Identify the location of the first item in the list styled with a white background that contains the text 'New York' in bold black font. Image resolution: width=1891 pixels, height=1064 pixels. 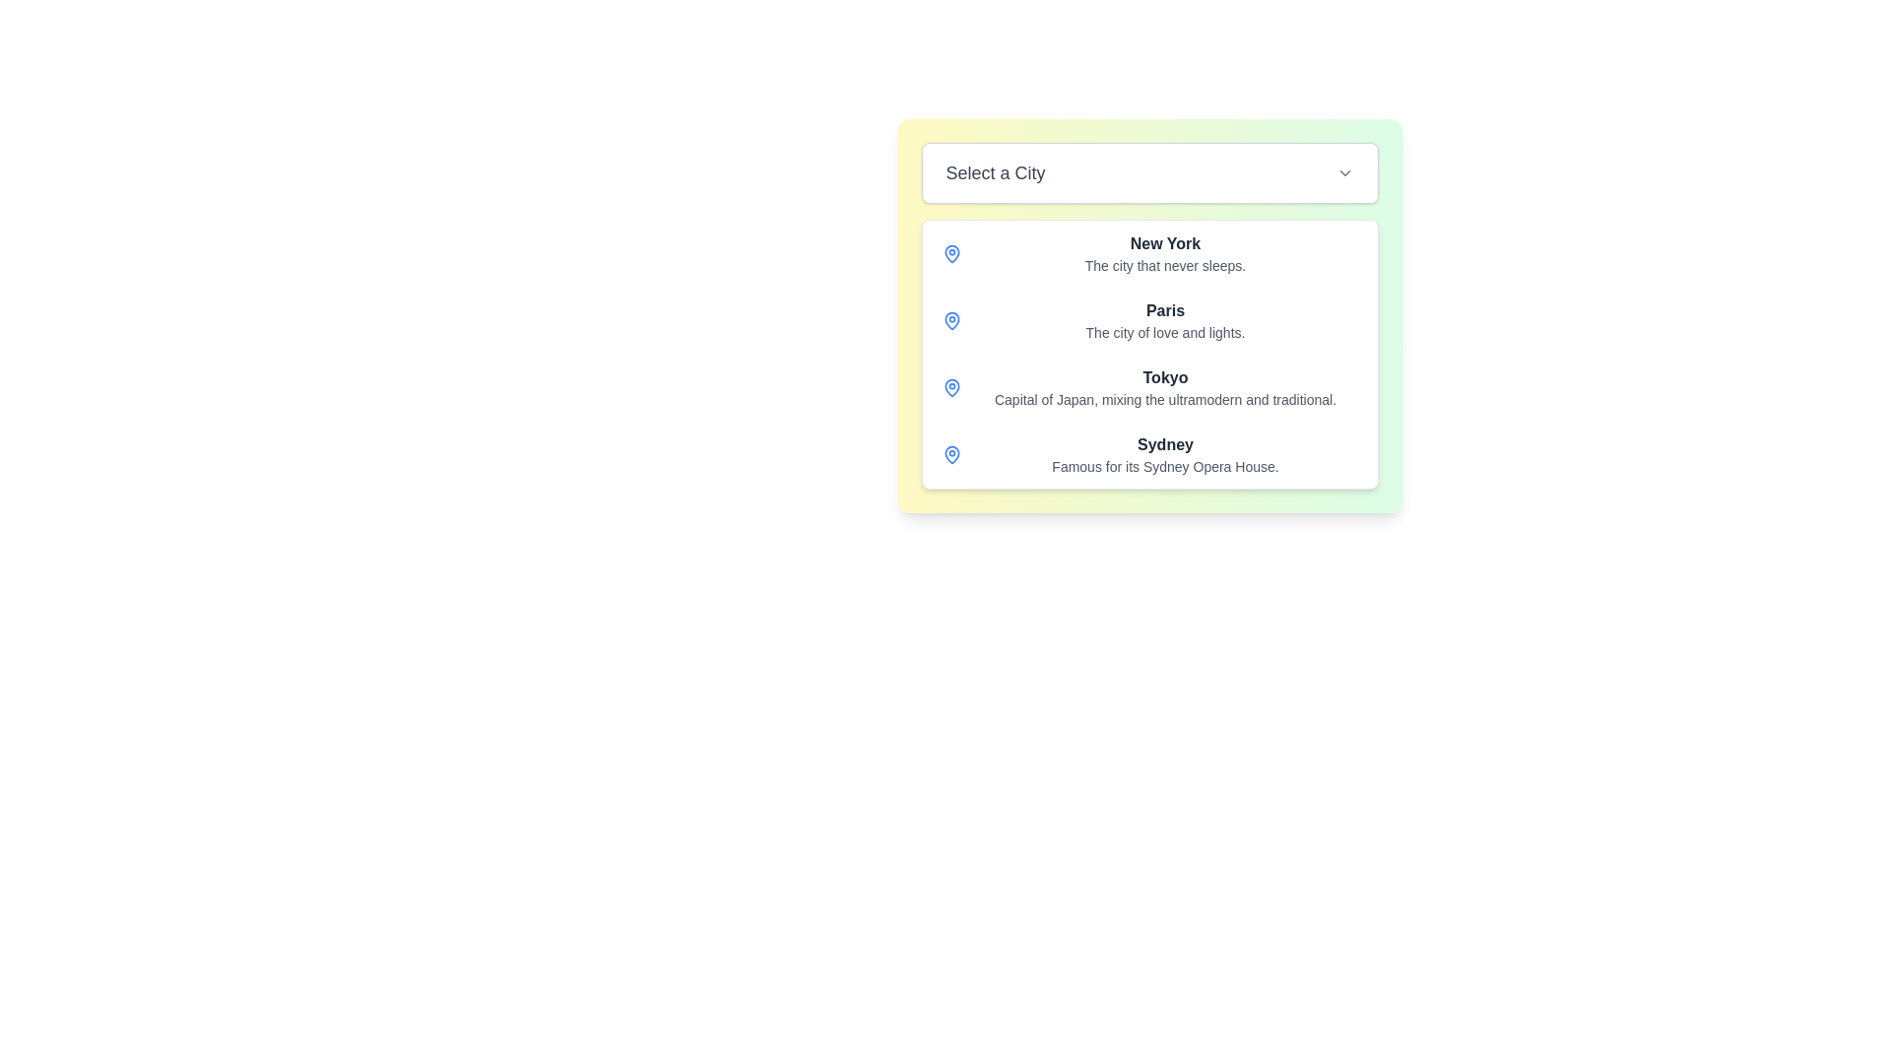
(1149, 253).